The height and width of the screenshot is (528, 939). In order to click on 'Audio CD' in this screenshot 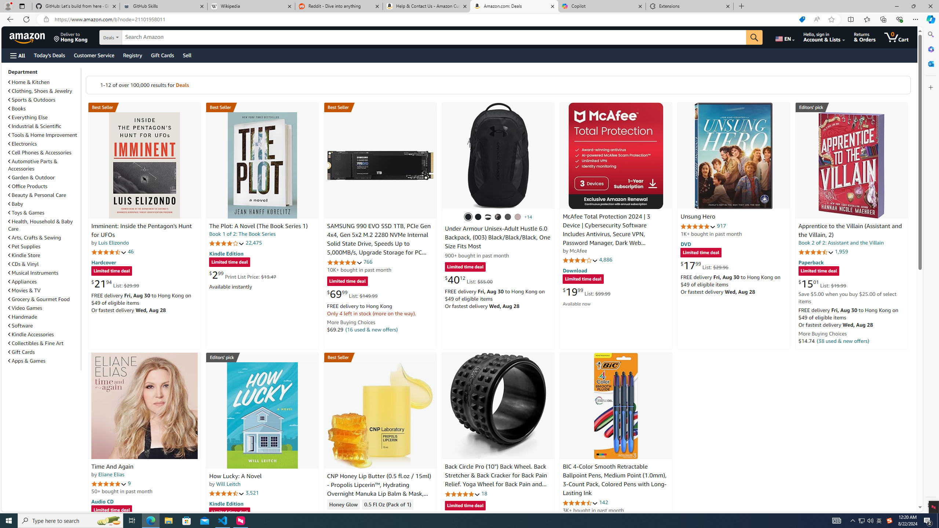, I will do `click(102, 501)`.